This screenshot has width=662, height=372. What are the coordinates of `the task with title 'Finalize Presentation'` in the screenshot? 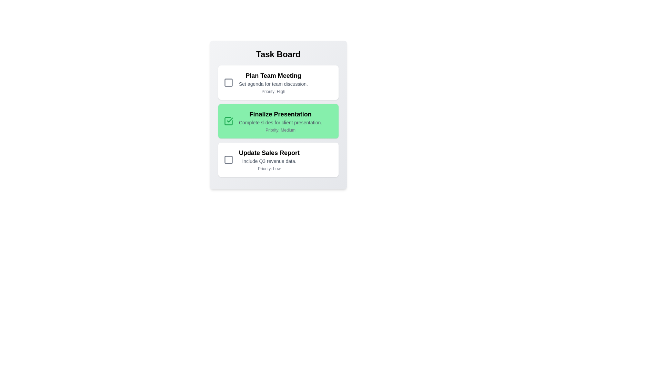 It's located at (278, 121).